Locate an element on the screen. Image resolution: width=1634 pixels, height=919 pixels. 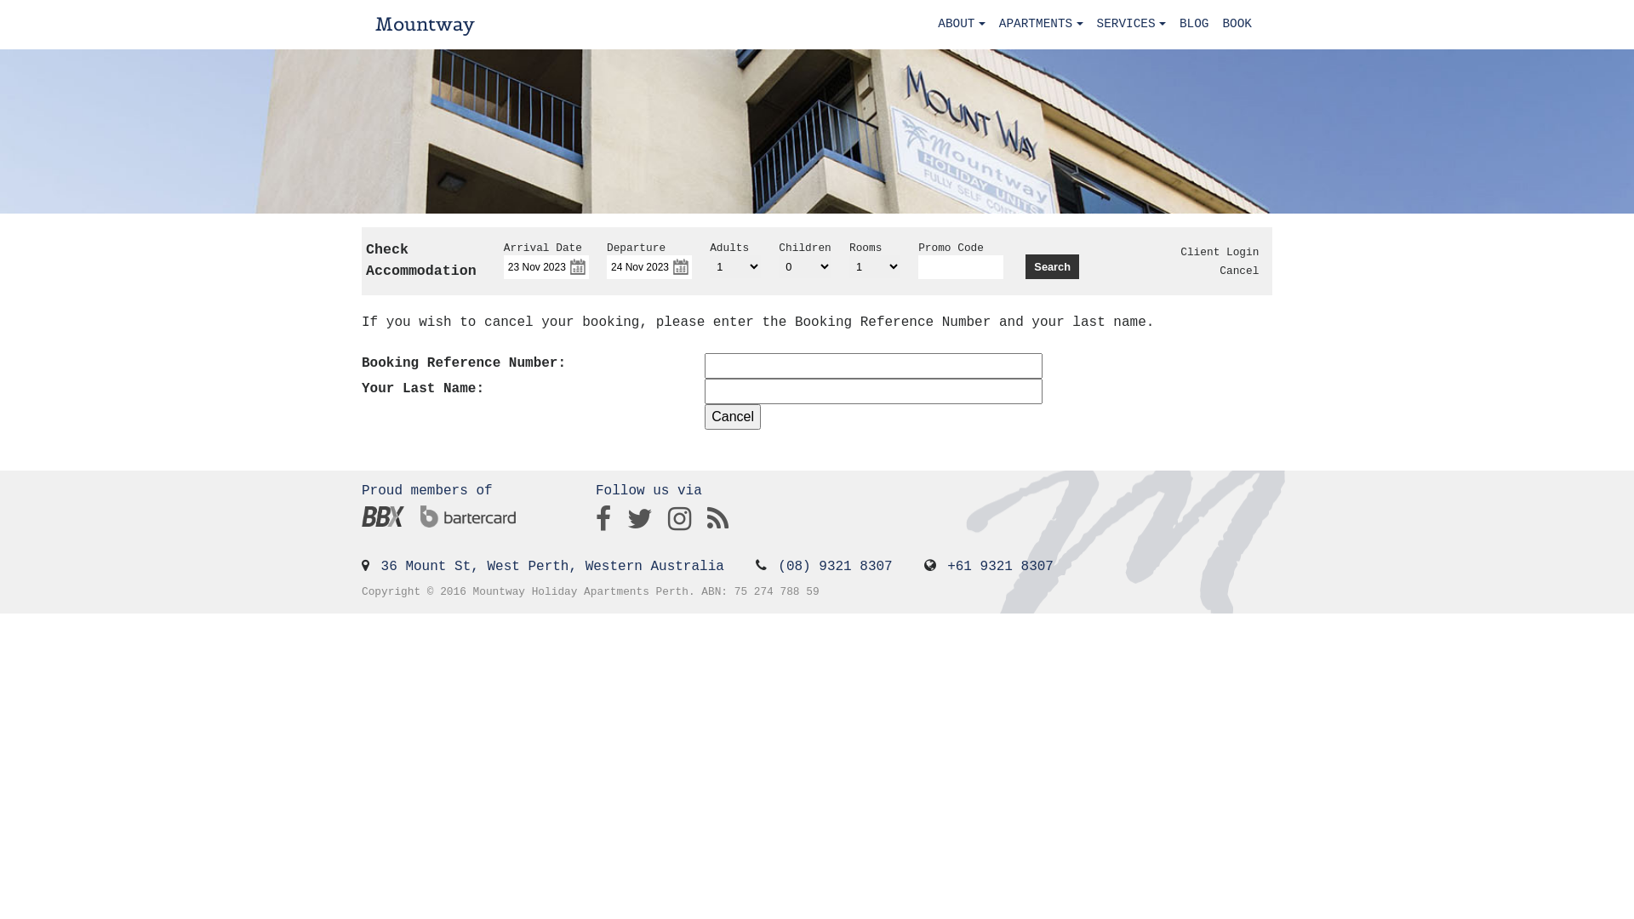
'Mountway' is located at coordinates (425, 25).